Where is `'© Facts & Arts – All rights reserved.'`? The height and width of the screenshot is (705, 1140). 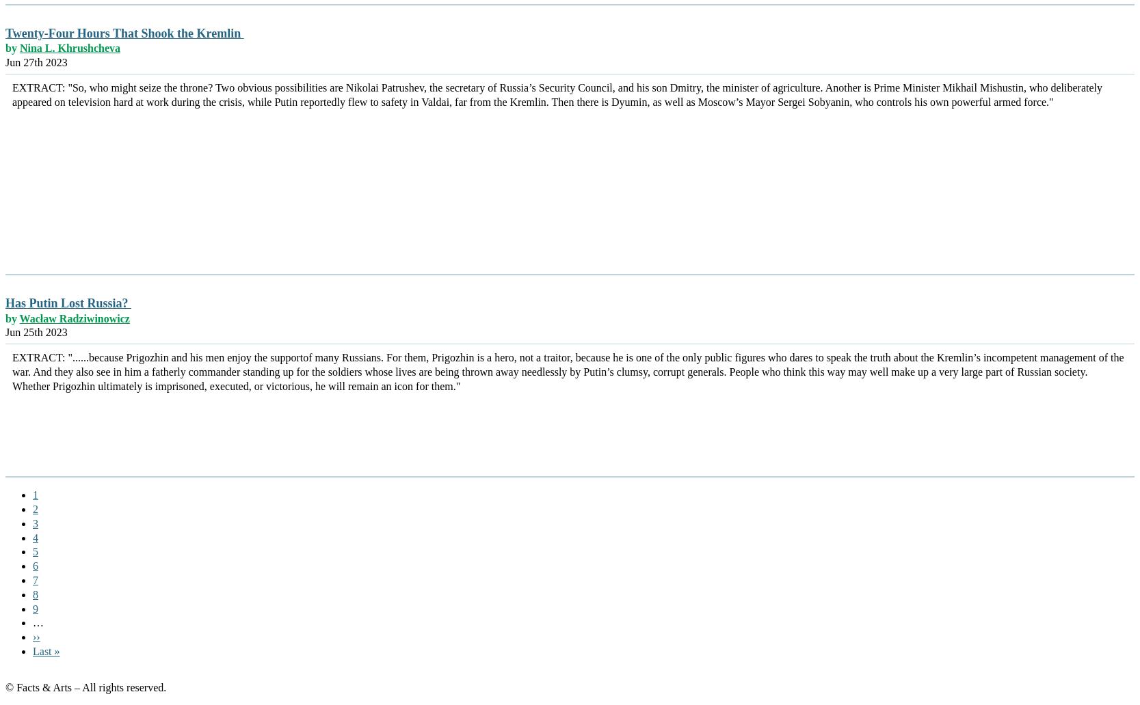
'© Facts & Arts – All rights reserved.' is located at coordinates (5, 686).